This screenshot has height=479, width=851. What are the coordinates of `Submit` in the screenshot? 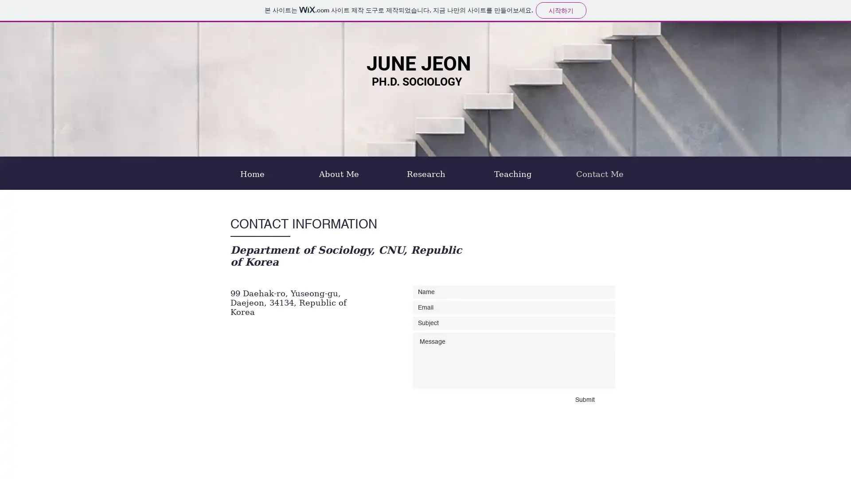 It's located at (585, 400).